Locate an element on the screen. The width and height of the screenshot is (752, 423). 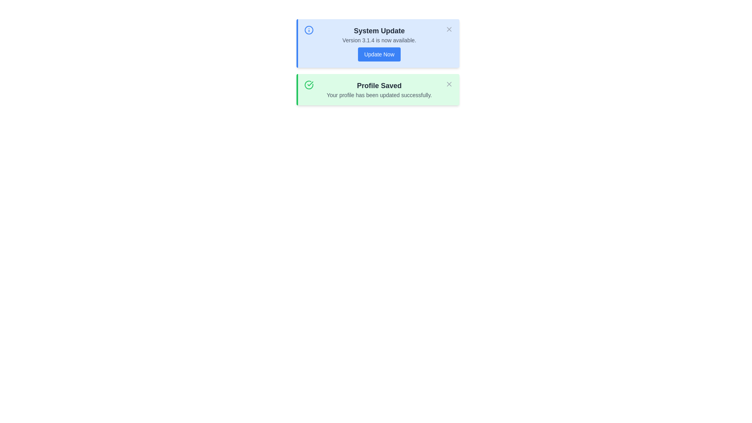
notification about the software update version 3.1.4 from the first notification card positioned at the top of the notification list is located at coordinates (378, 43).